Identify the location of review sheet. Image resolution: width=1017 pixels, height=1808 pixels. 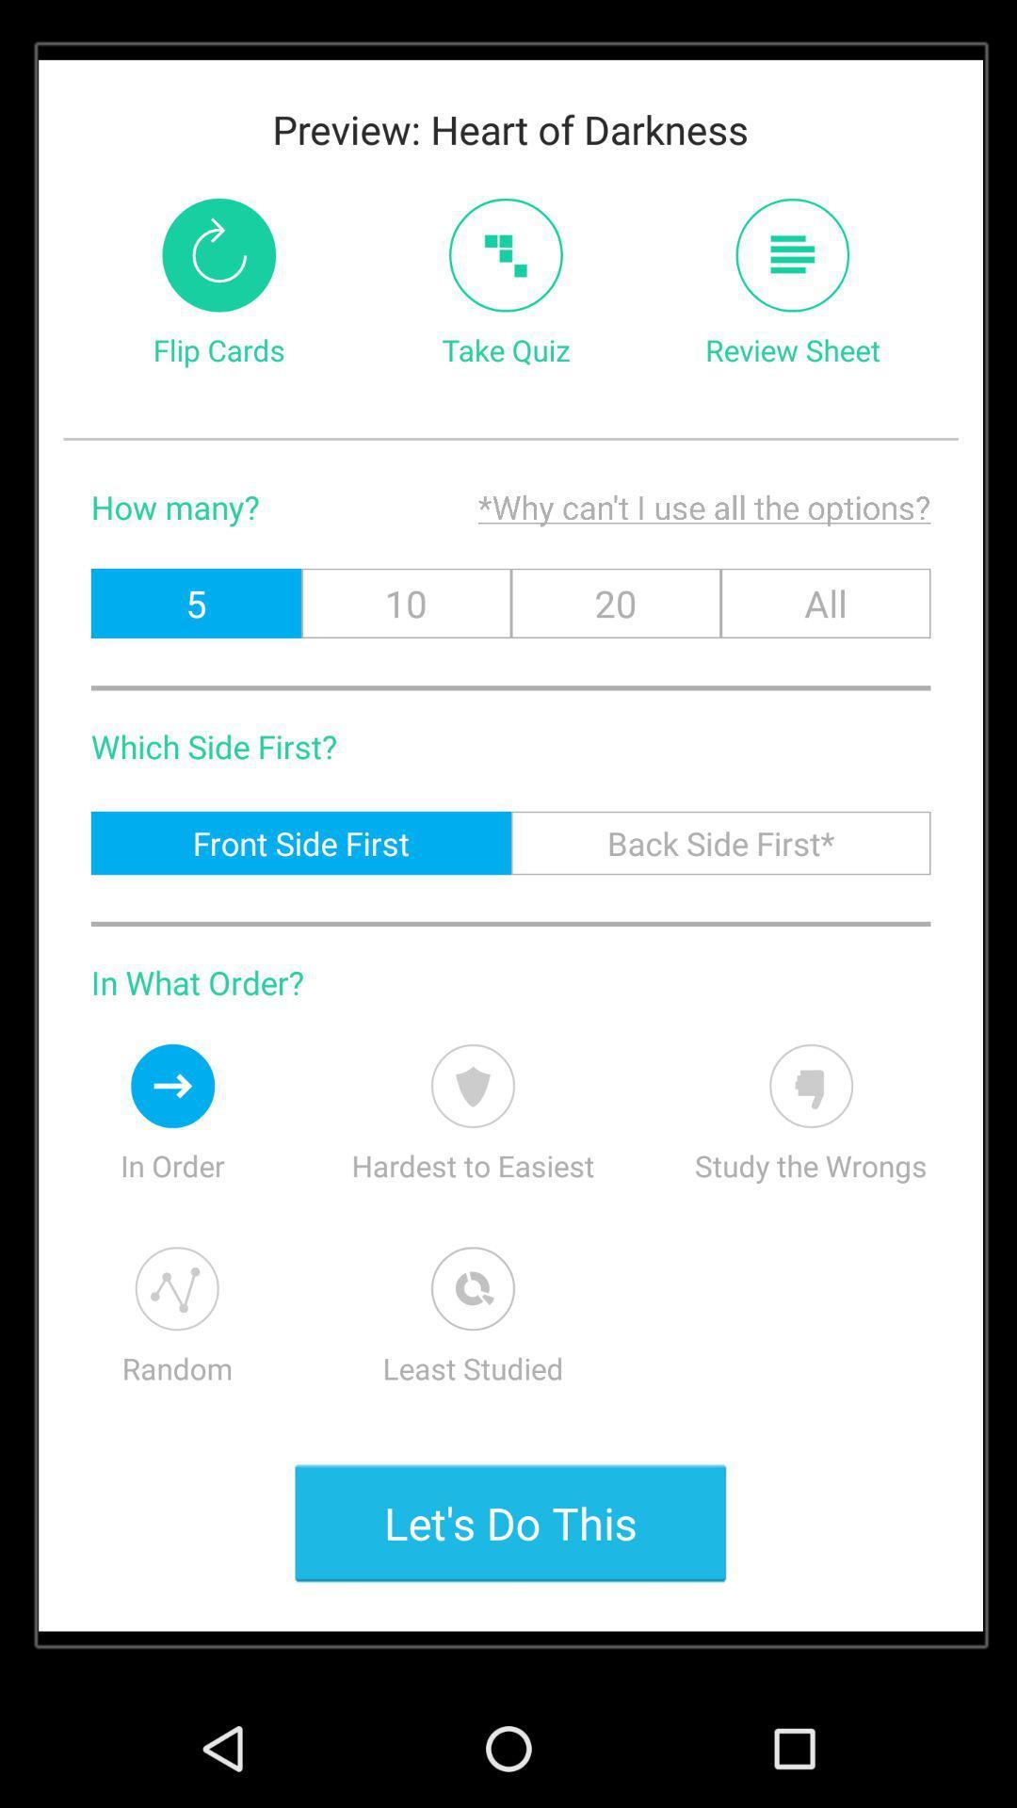
(792, 254).